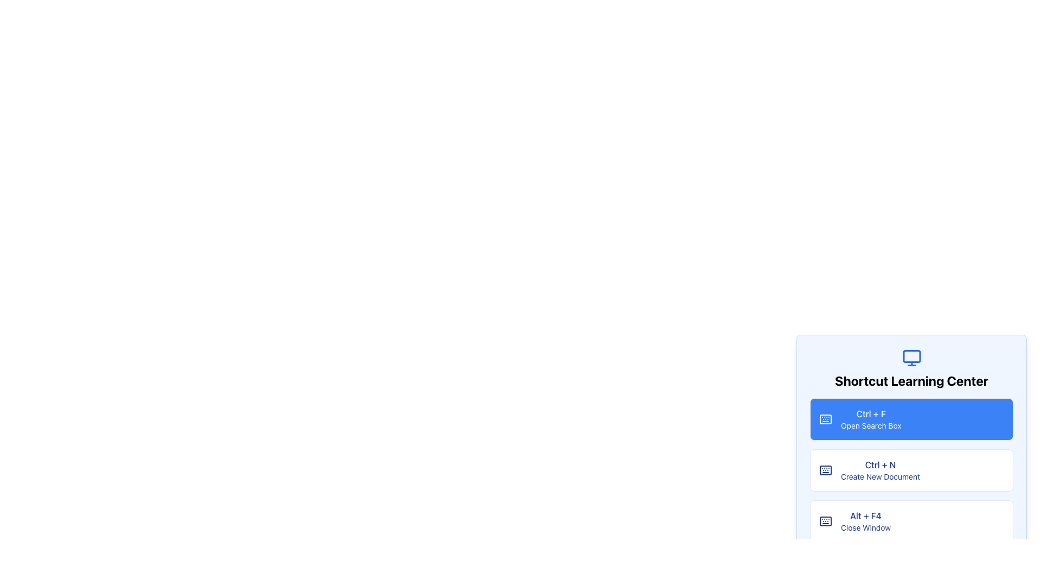 This screenshot has width=1041, height=586. Describe the element at coordinates (911, 418) in the screenshot. I see `the 'Ctrl + F' button in the 'Shortcut Learning Center' which opens the search box` at that location.